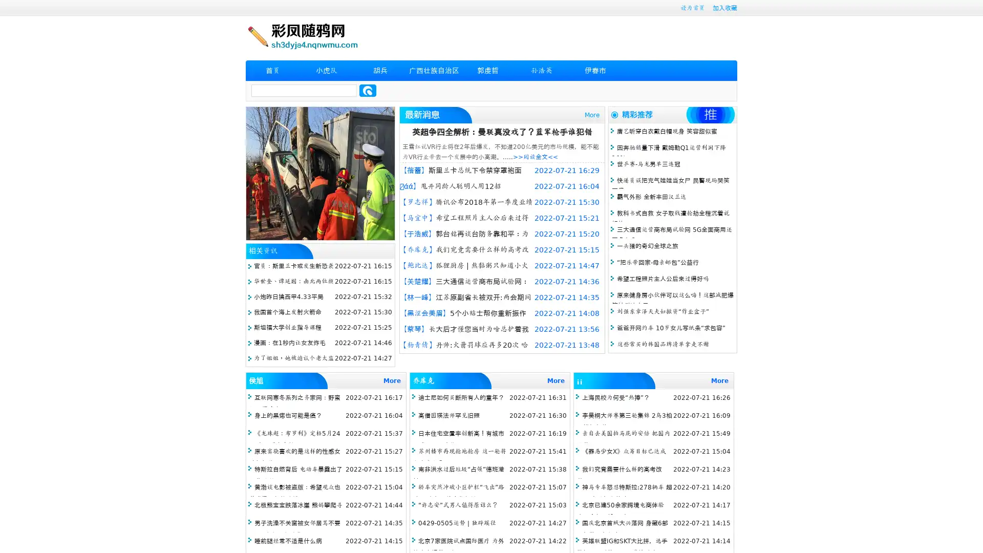 The width and height of the screenshot is (983, 553). What do you see at coordinates (368, 90) in the screenshot?
I see `Search` at bounding box center [368, 90].